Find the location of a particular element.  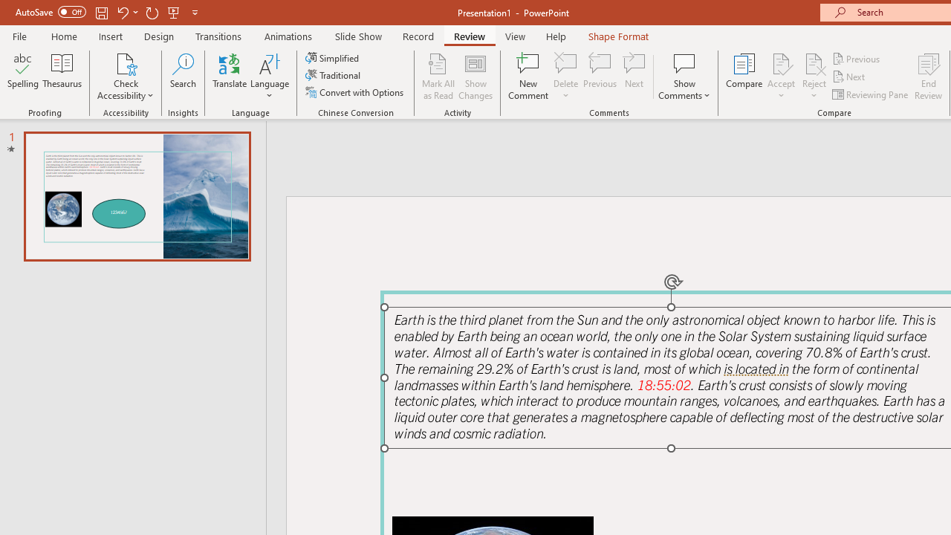

'Reviewing Pane' is located at coordinates (872, 94).